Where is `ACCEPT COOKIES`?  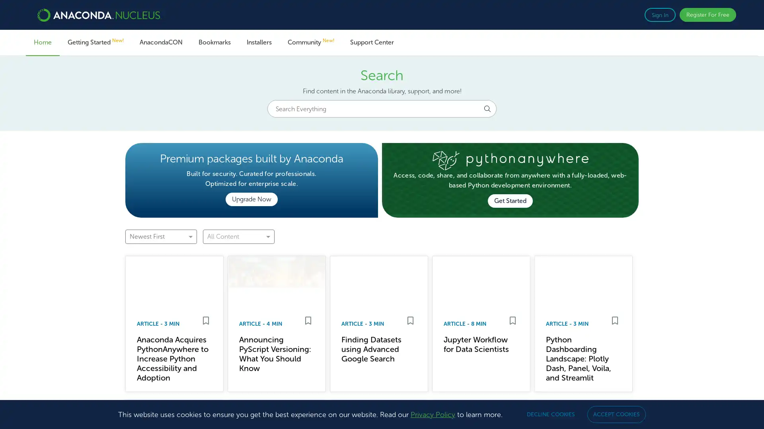 ACCEPT COOKIES is located at coordinates (616, 414).